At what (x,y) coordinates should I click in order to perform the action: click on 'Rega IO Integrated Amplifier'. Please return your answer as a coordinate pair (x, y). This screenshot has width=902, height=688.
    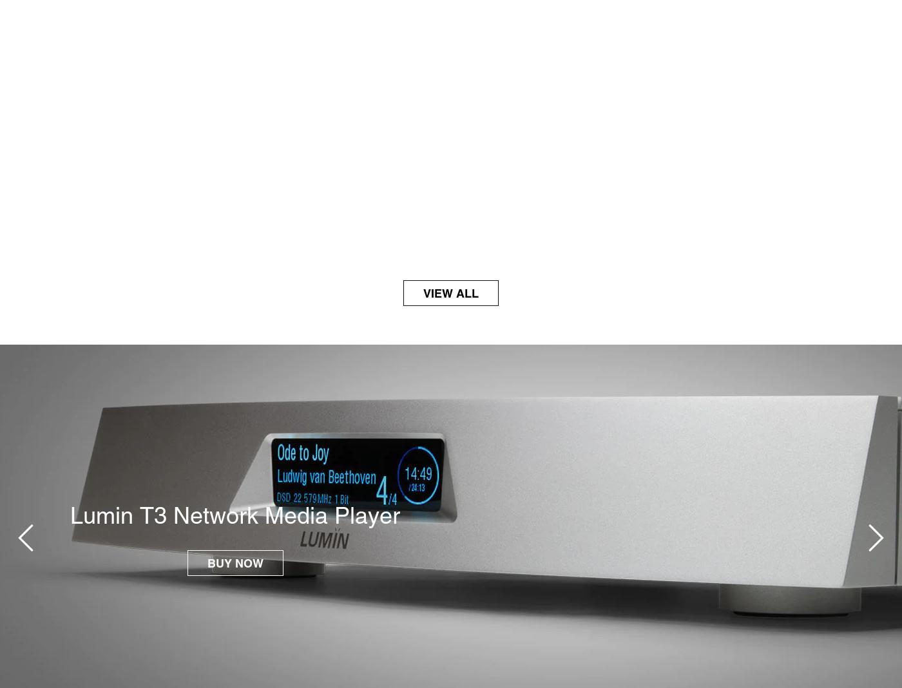
    Looking at the image, I should click on (77, 514).